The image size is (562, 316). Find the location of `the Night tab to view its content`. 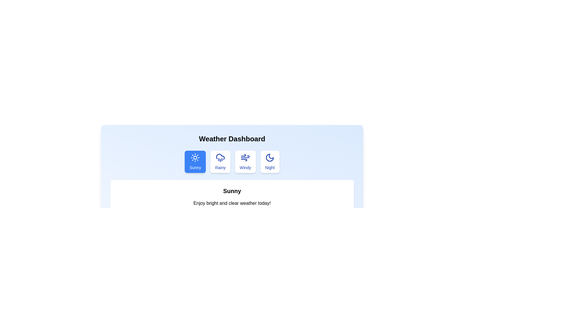

the Night tab to view its content is located at coordinates (269, 162).